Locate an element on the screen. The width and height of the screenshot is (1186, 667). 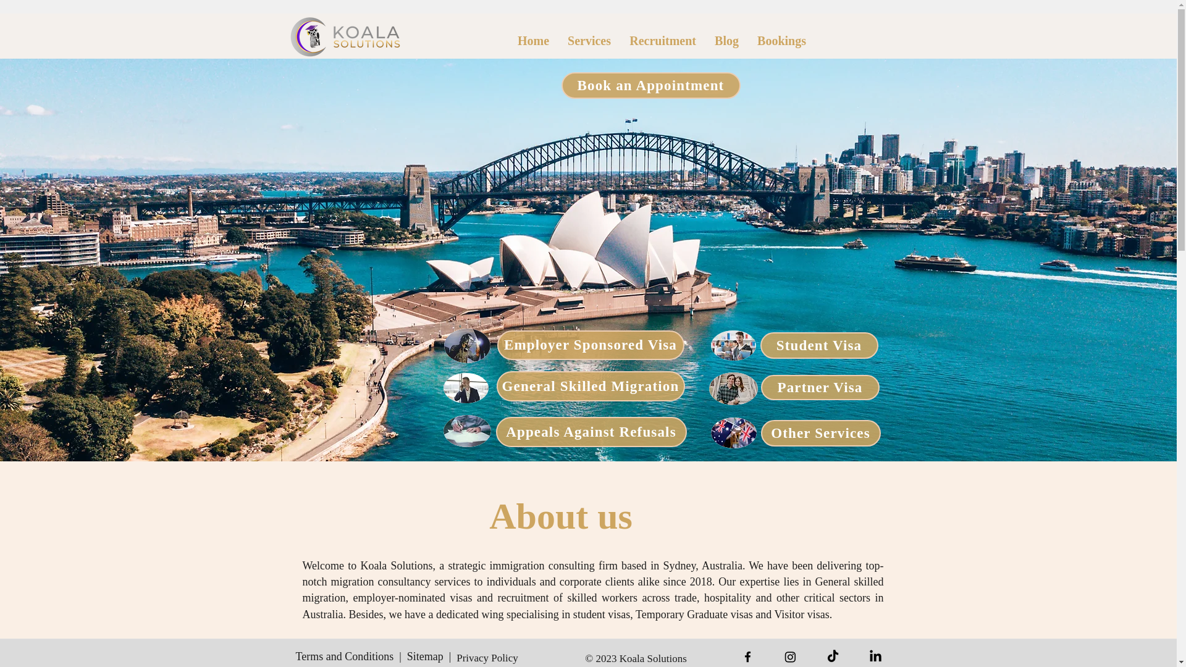
'Home' is located at coordinates (508, 40).